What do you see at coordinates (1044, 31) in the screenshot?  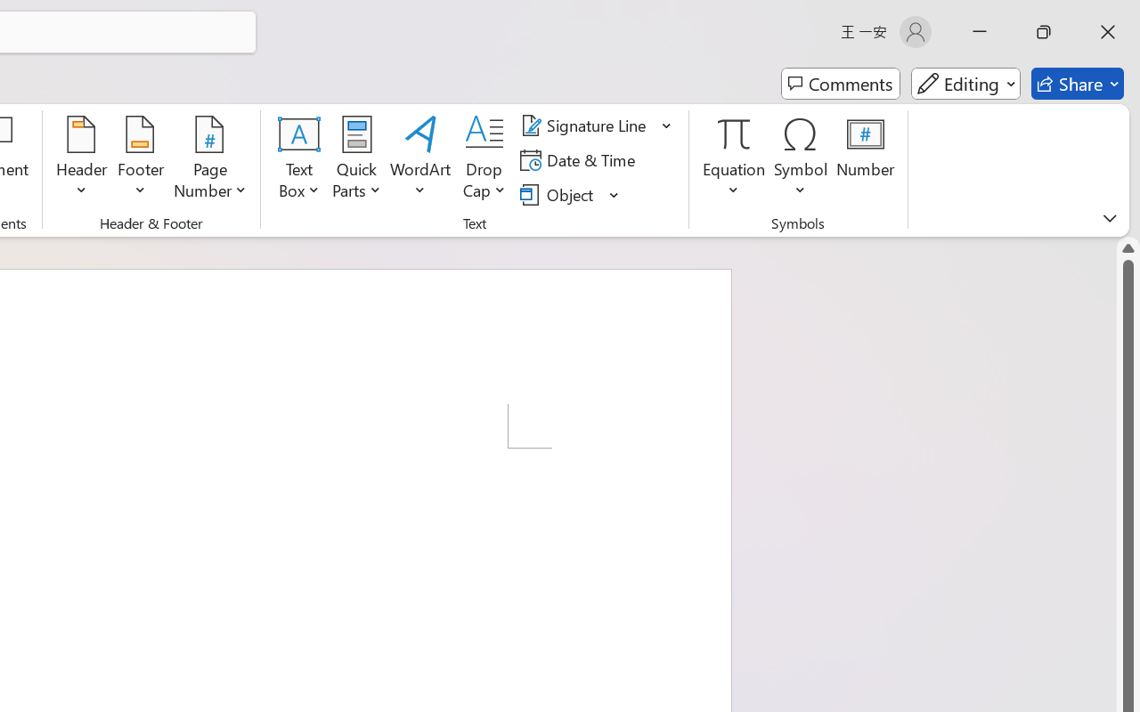 I see `'Restore Down'` at bounding box center [1044, 31].